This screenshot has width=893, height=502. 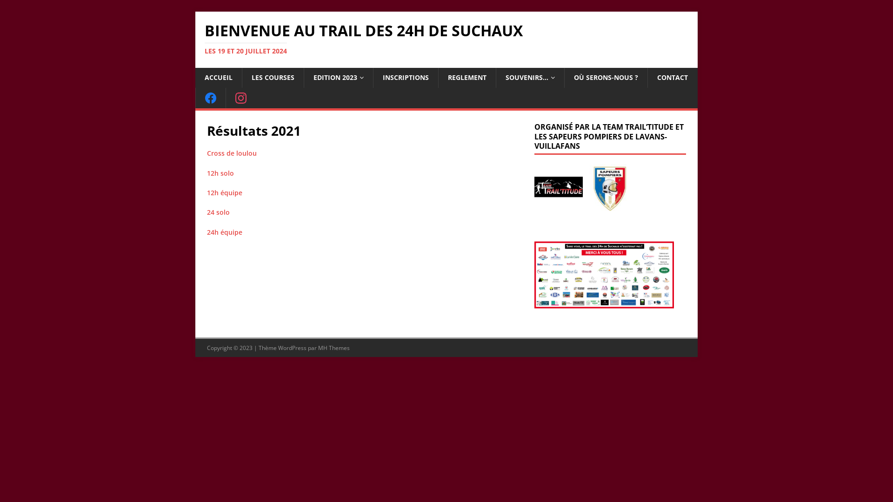 I want to click on '12h solo', so click(x=220, y=173).